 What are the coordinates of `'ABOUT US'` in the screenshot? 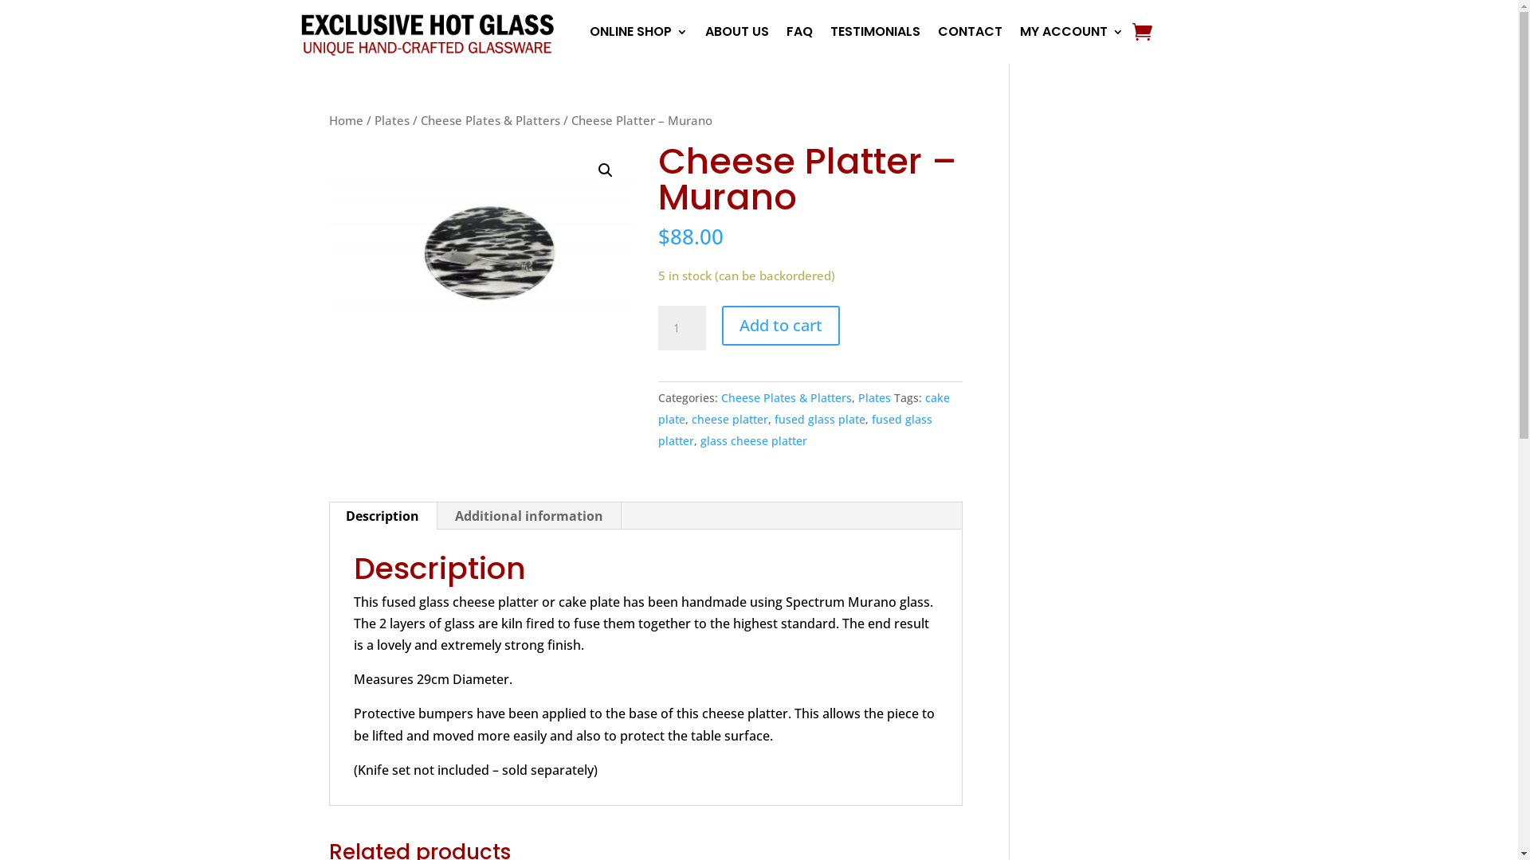 It's located at (736, 31).